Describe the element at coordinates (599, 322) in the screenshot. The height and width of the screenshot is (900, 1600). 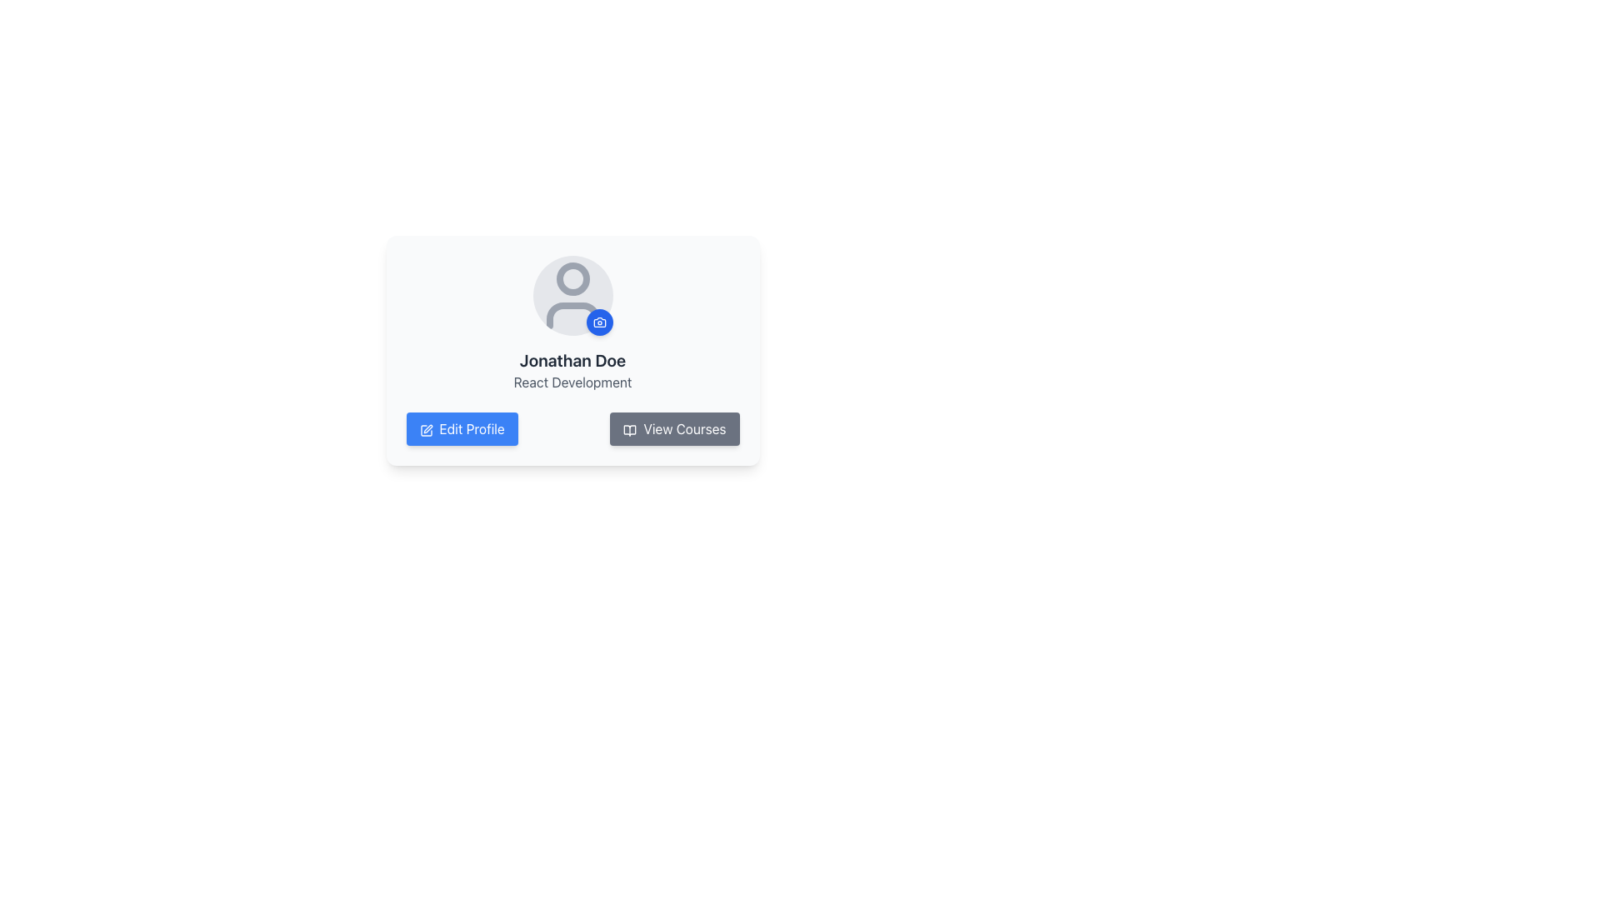
I see `the button located at the bottom-right corner of the circular profile picture to potentially see a tooltip` at that location.